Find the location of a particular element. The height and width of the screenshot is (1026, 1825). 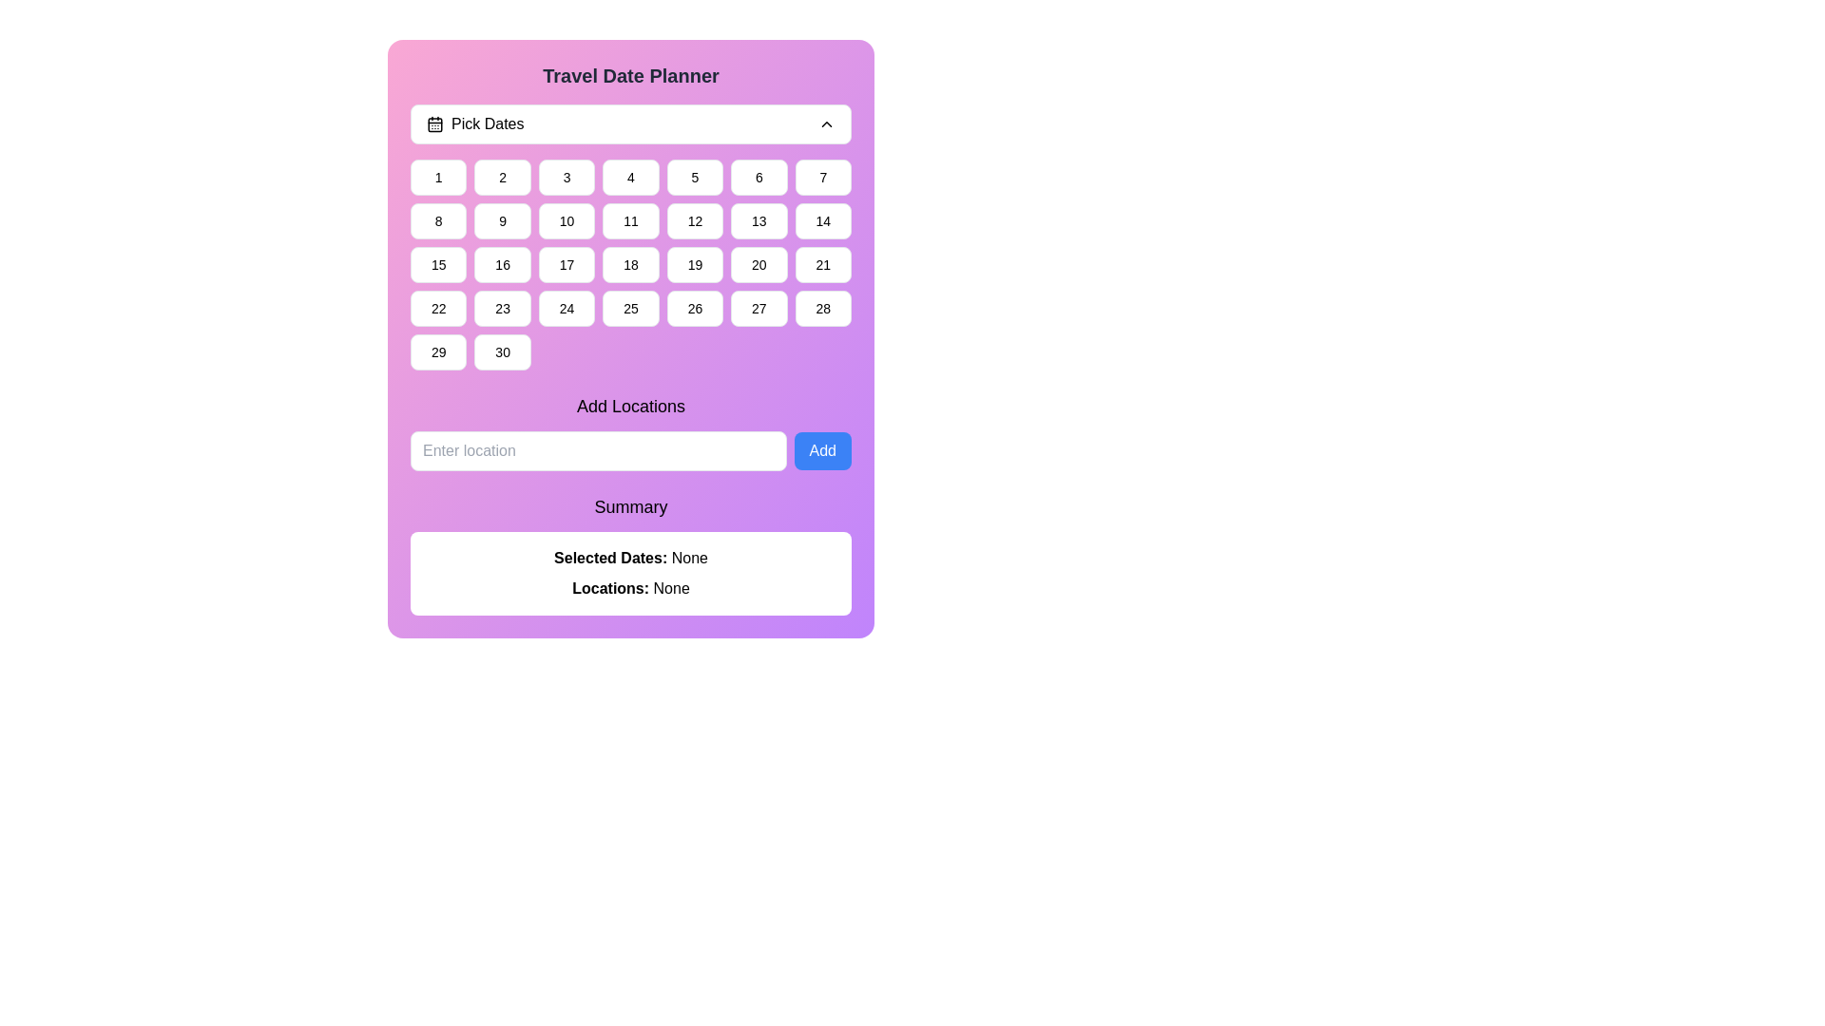

the square button labeled '25' located in the fifth row and fourth column of the button grid is located at coordinates (630, 307).